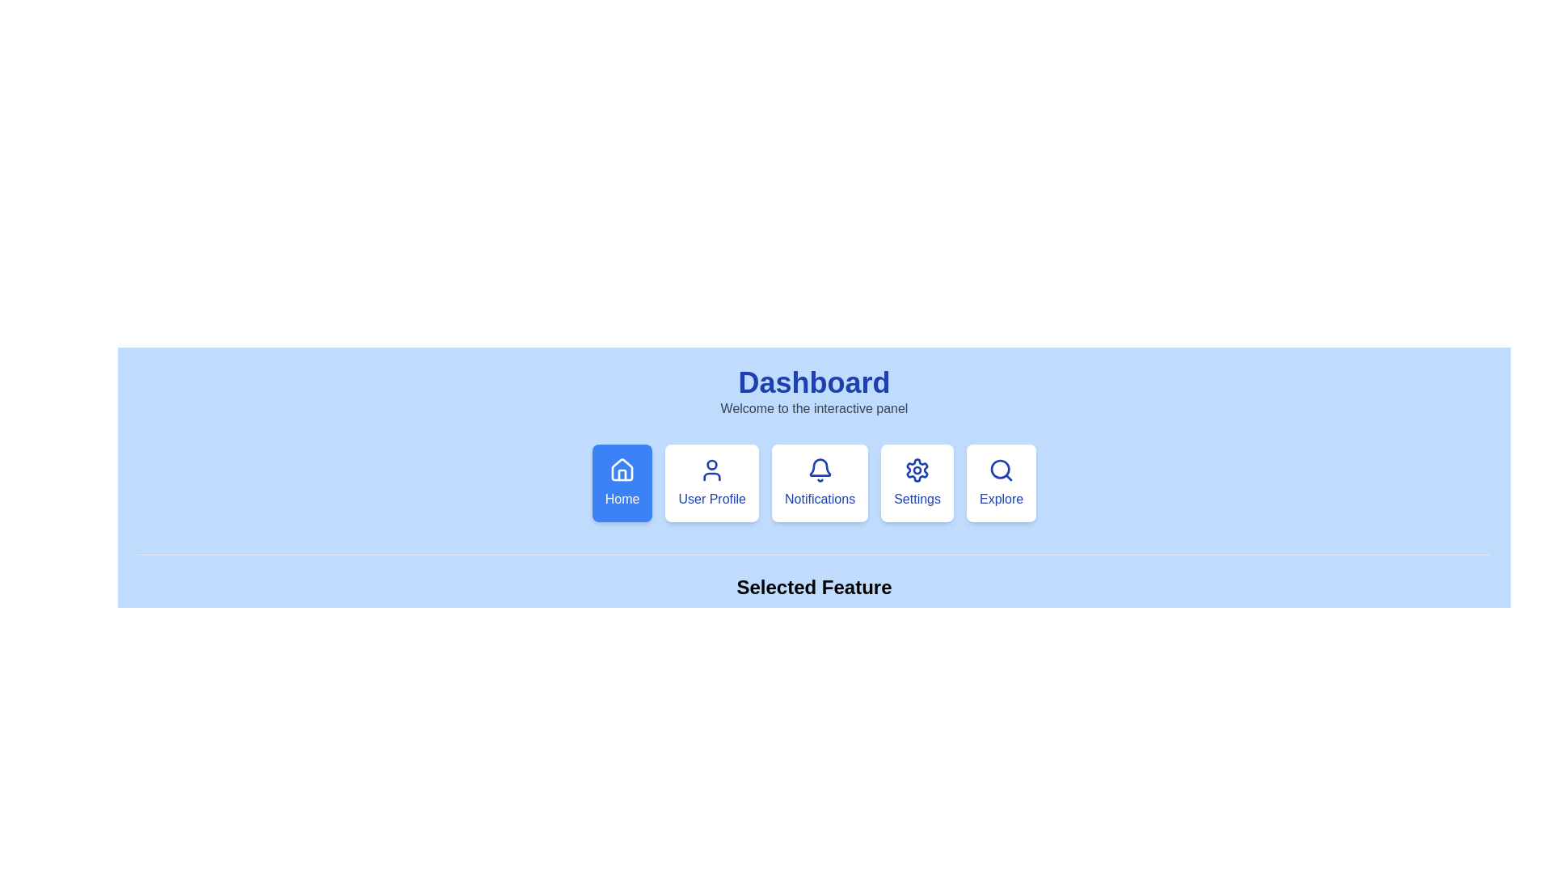 This screenshot has width=1552, height=873. What do you see at coordinates (820, 498) in the screenshot?
I see `the 'Notifications' text label, which is styled in blue and located below the bell icon in the menu options` at bounding box center [820, 498].